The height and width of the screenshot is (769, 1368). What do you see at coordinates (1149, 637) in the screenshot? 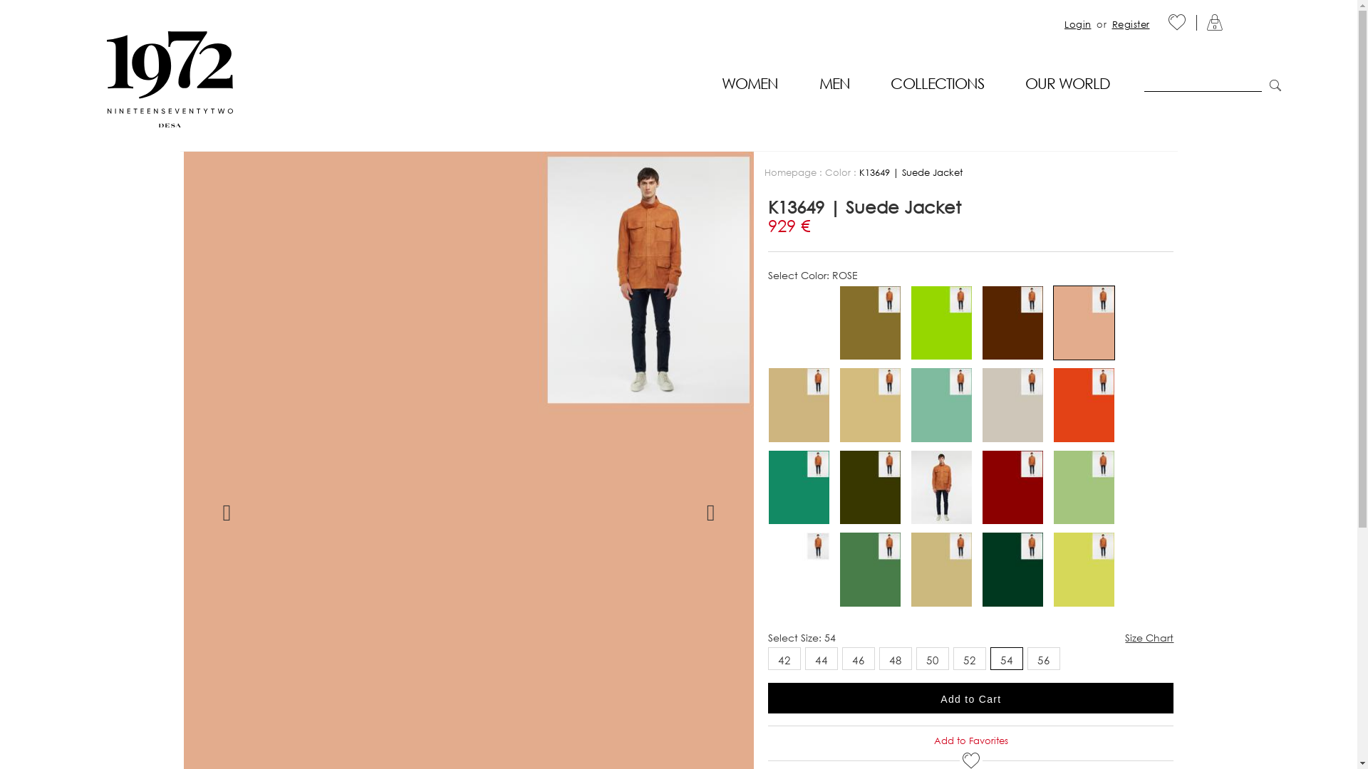
I see `'Size Chart'` at bounding box center [1149, 637].